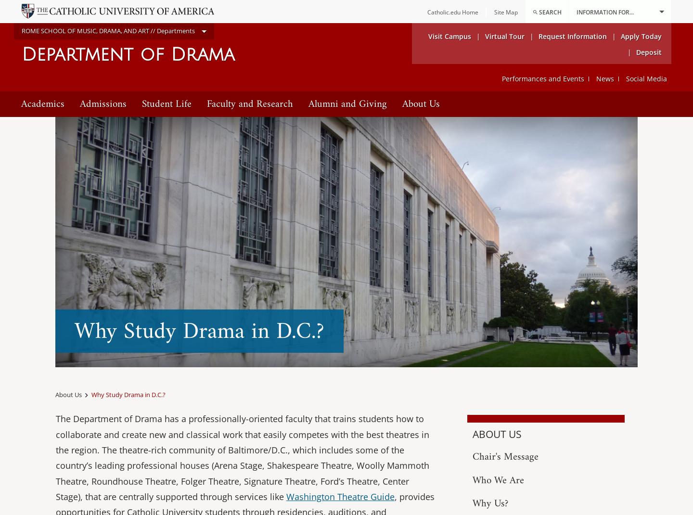  What do you see at coordinates (347, 103) in the screenshot?
I see `'Alumni and Giving'` at bounding box center [347, 103].